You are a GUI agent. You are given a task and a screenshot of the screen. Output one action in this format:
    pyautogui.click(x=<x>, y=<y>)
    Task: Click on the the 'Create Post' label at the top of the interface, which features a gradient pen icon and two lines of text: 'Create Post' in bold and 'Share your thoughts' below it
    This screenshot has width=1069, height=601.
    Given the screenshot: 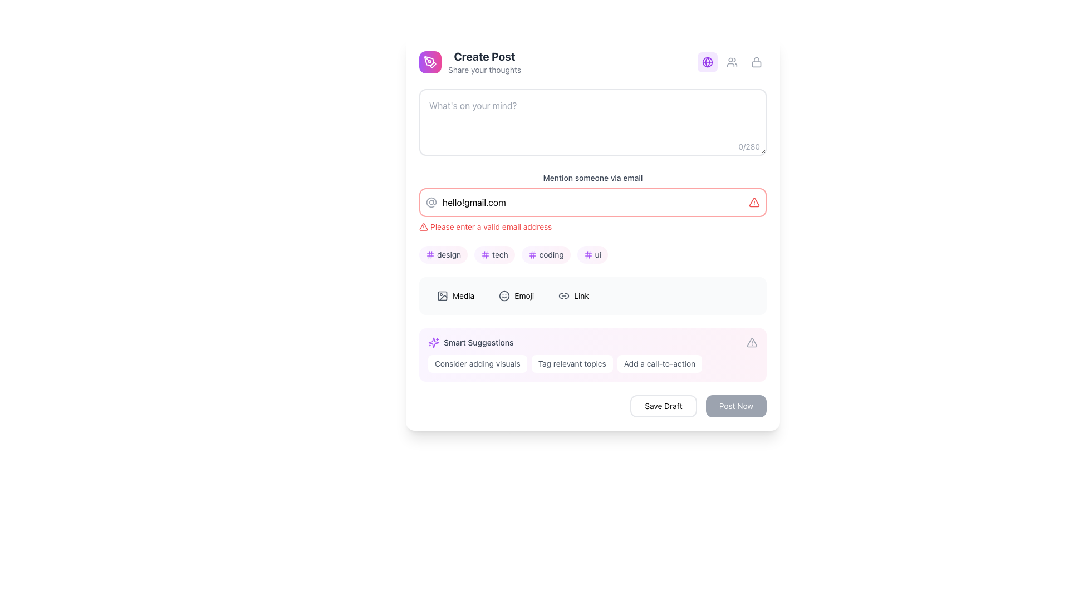 What is the action you would take?
    pyautogui.click(x=470, y=62)
    